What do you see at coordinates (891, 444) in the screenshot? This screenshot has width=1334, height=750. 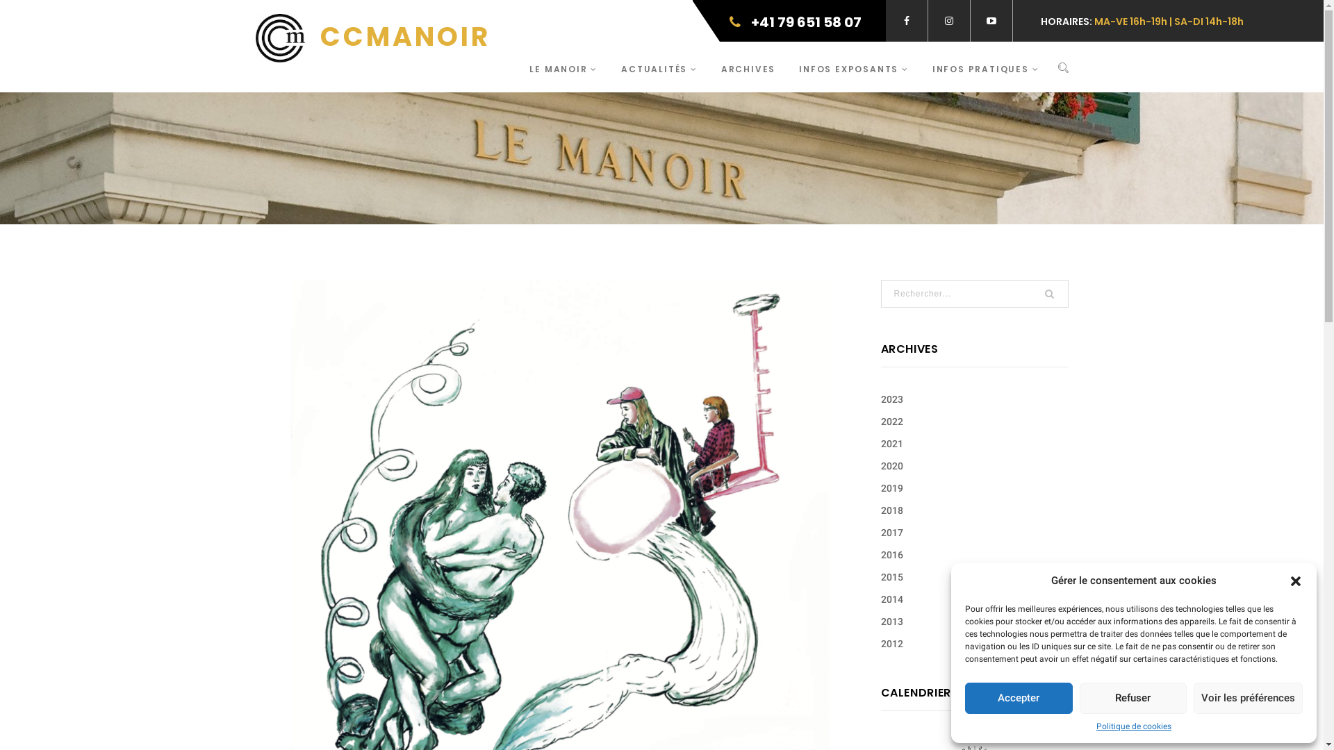 I see `'2021'` at bounding box center [891, 444].